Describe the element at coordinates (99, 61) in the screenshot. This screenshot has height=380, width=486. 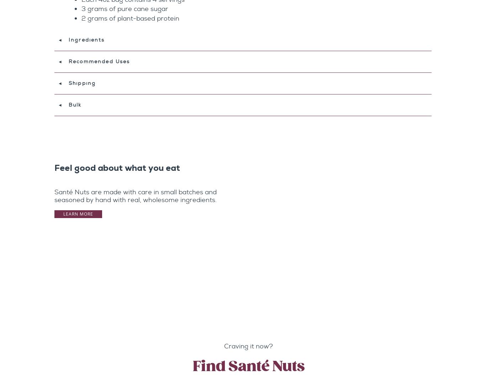
I see `'Recommended Uses'` at that location.